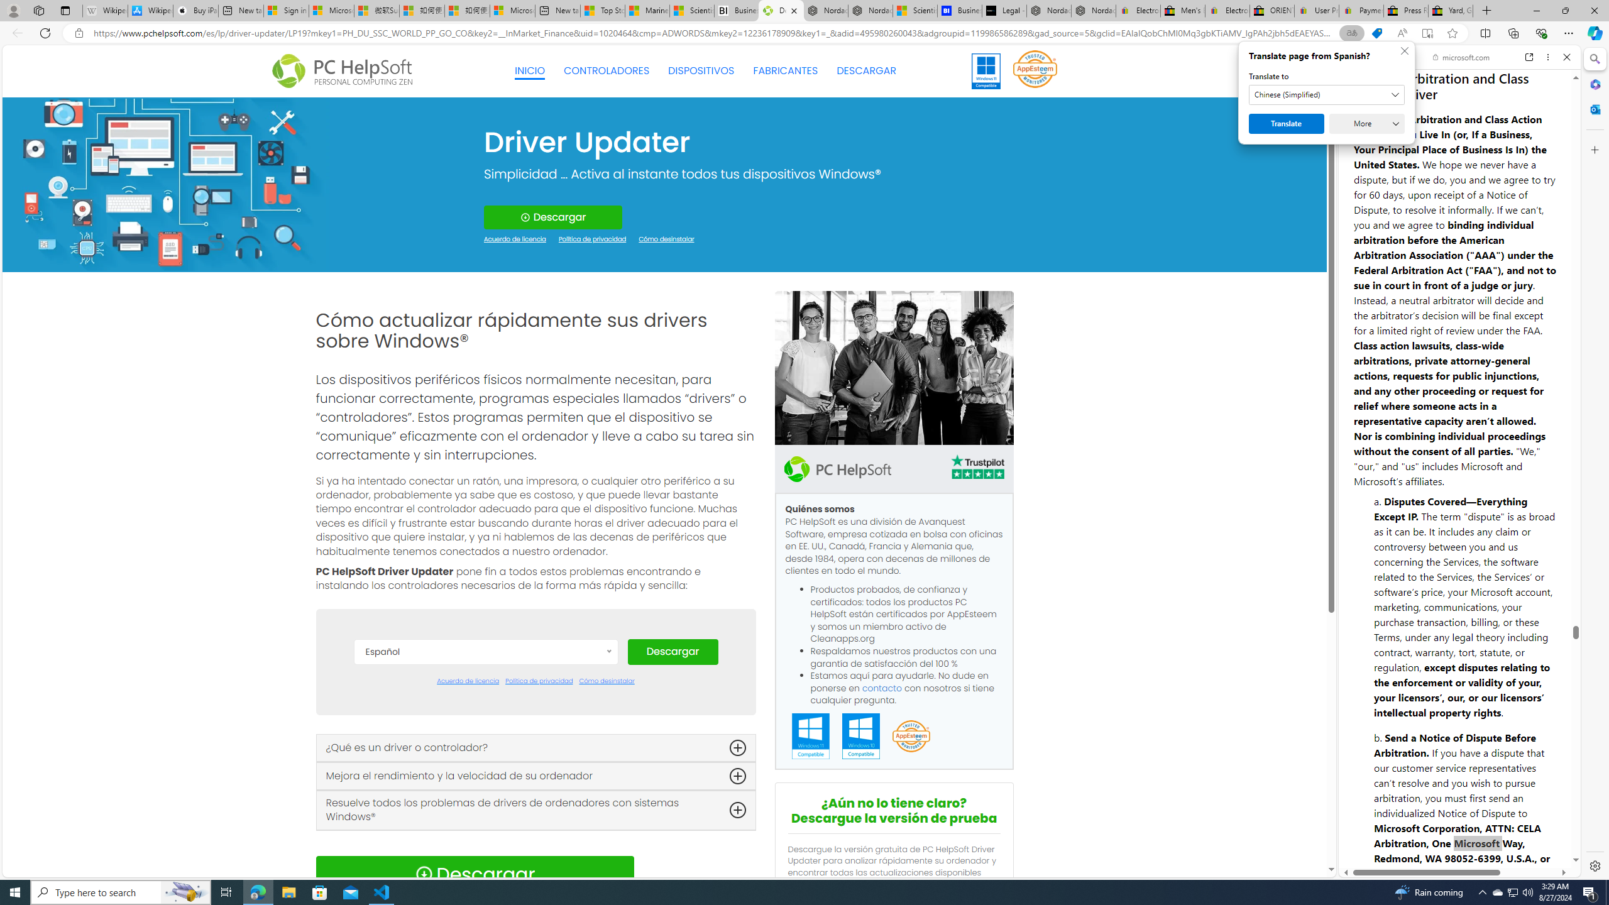  What do you see at coordinates (977, 469) in the screenshot?
I see `'TrustPilot'` at bounding box center [977, 469].